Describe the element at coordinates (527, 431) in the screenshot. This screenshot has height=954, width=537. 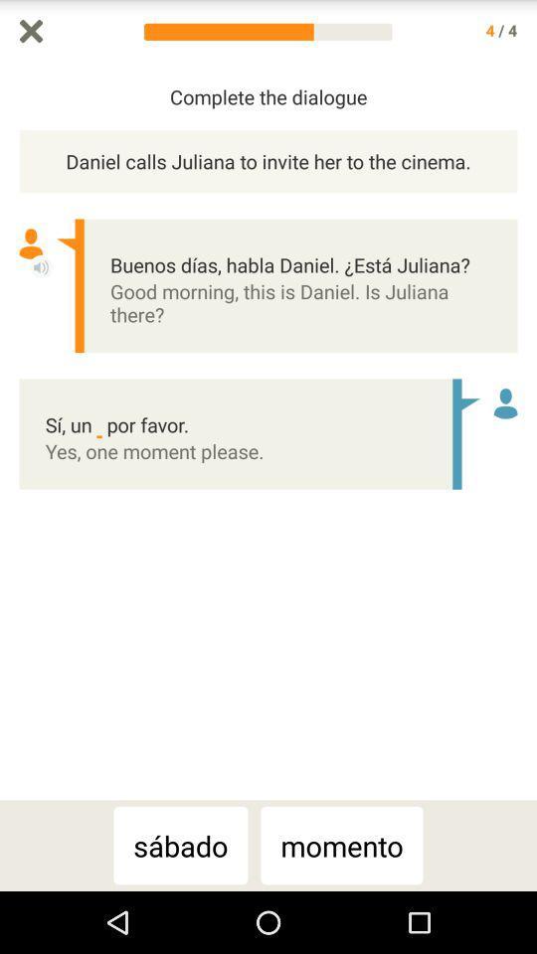
I see `the icon to the right of the daniel calls juliana` at that location.